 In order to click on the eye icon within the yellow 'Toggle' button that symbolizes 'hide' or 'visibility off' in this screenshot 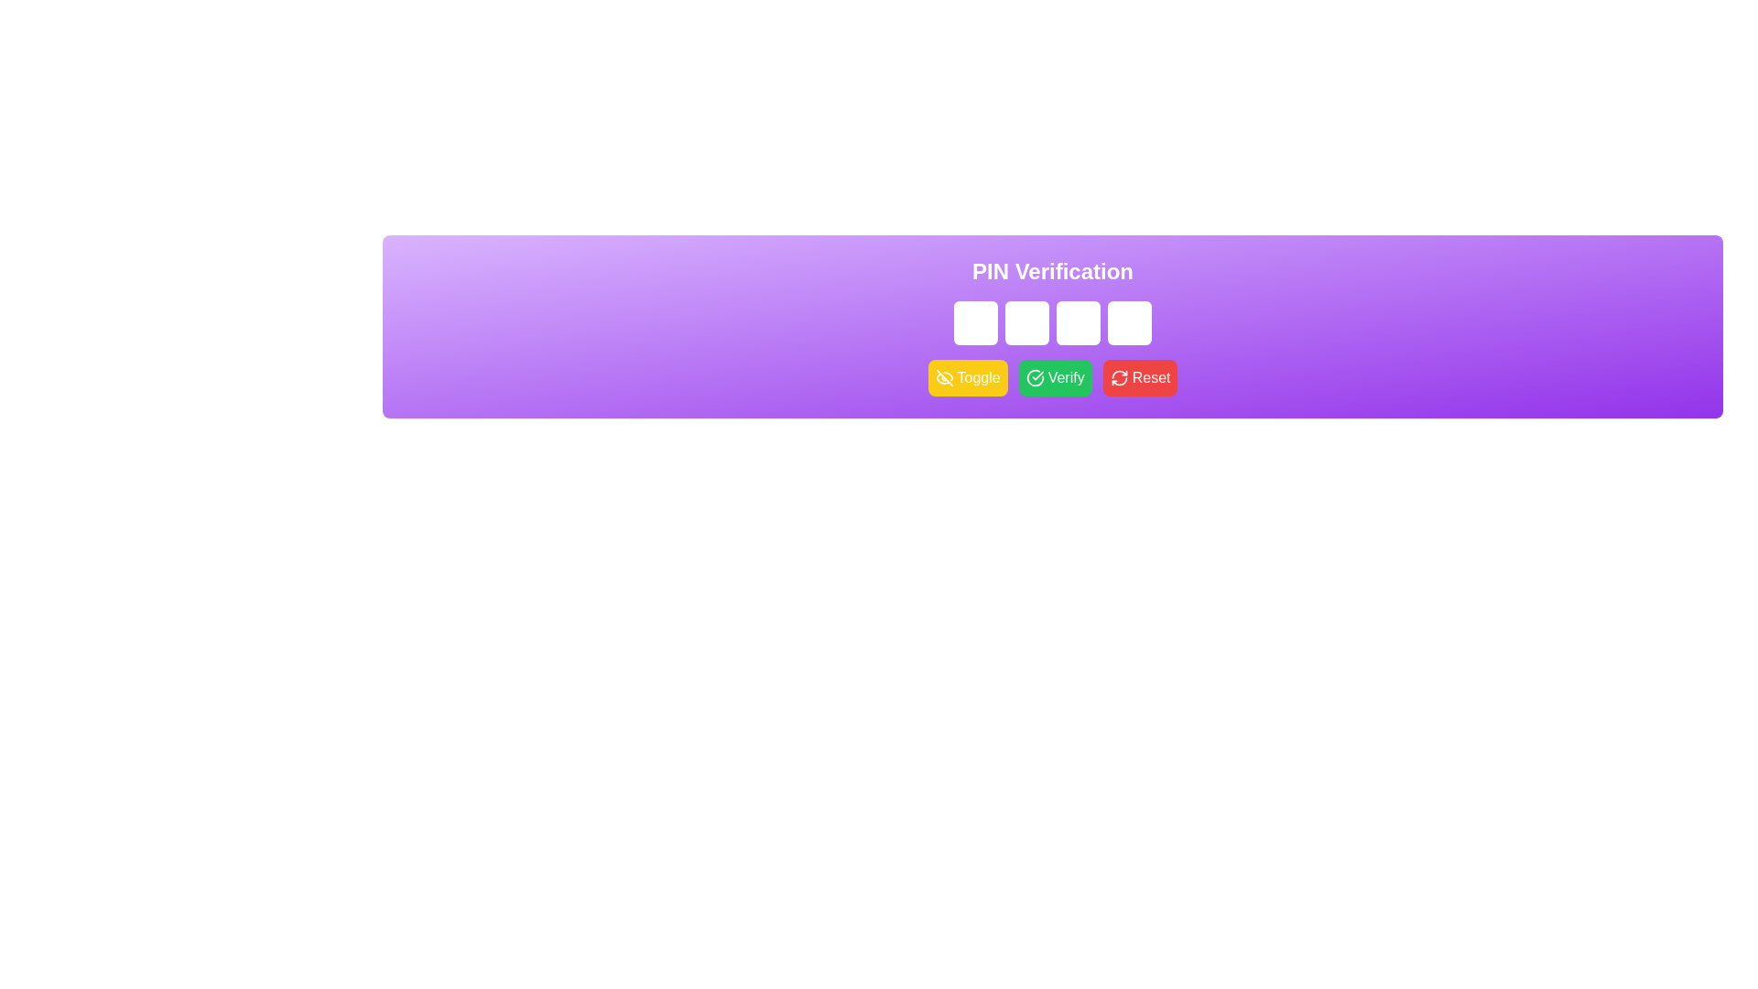, I will do `click(944, 376)`.